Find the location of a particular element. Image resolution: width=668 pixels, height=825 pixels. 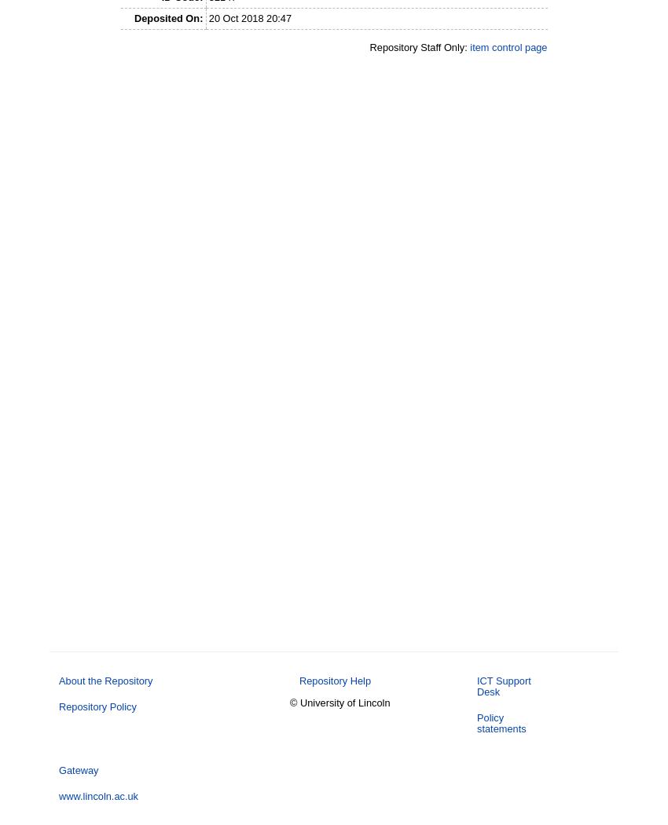

'item control page' is located at coordinates (468, 46).